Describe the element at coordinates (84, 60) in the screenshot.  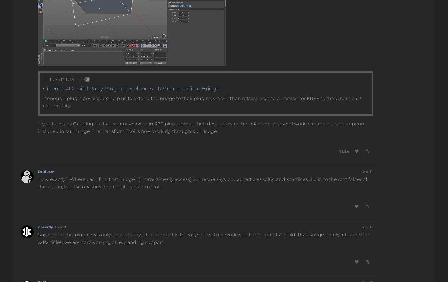
I see `'1251x962 293 KB'` at that location.